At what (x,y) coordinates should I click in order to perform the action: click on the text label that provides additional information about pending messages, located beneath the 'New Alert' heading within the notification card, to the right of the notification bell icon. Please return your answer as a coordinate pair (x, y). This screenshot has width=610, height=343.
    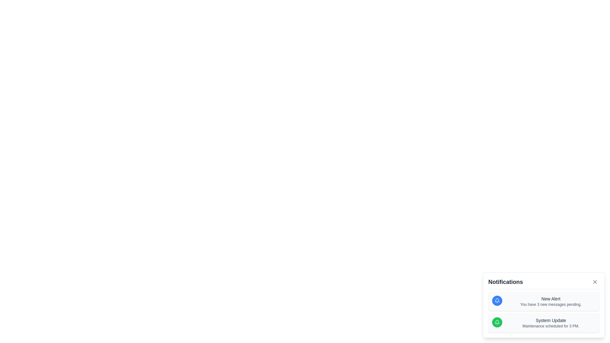
    Looking at the image, I should click on (550, 304).